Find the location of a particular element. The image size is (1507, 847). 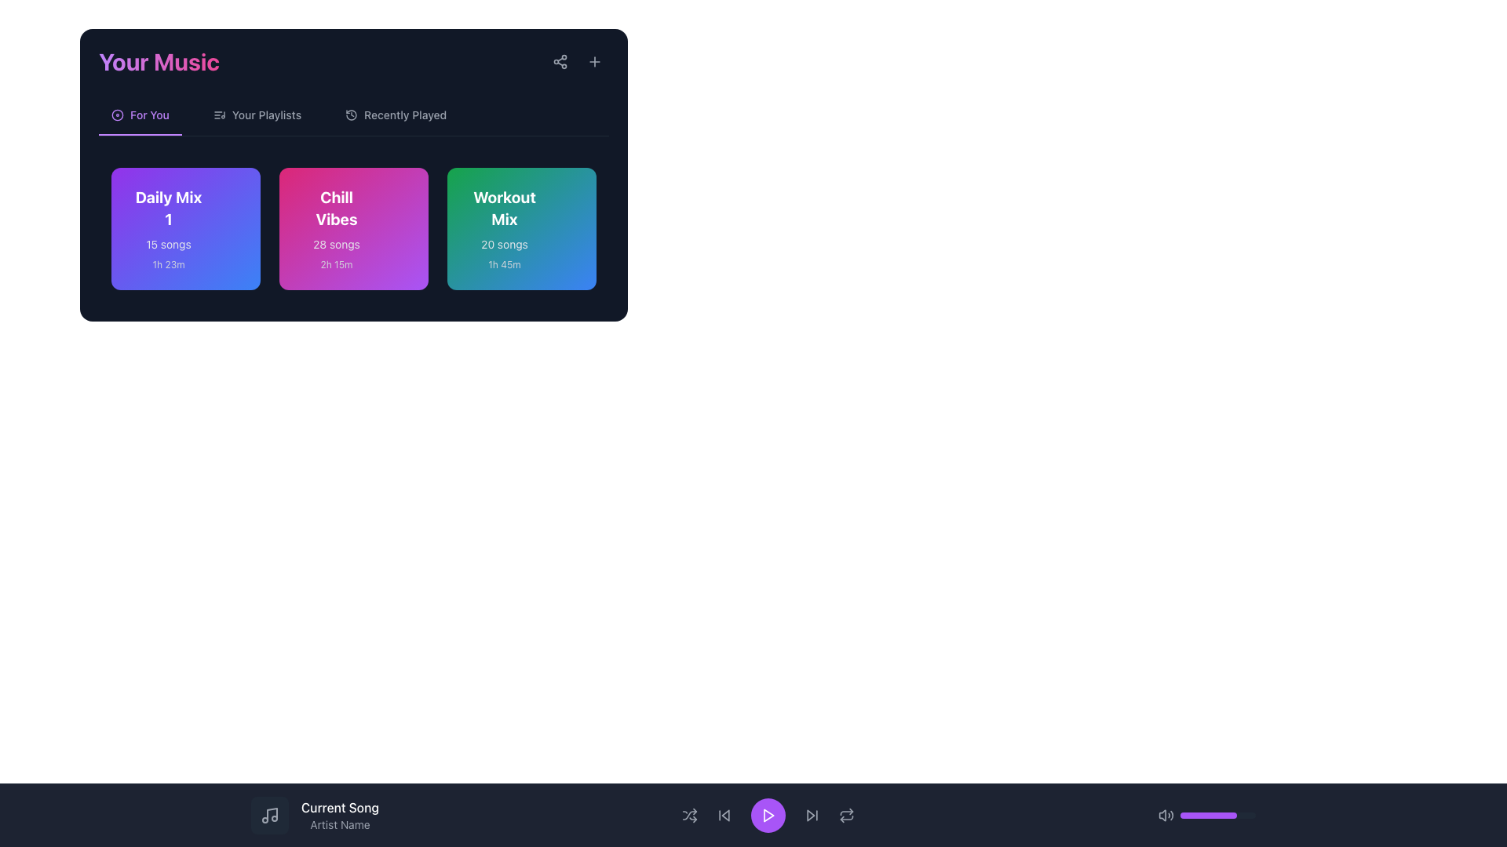

the circular icon button with a plus symbol, located in the top-right corner of the 'Your Music' card section is located at coordinates (594, 60).